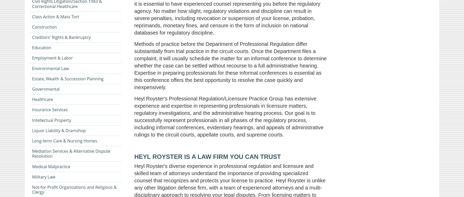 The height and width of the screenshot is (197, 464). Describe the element at coordinates (44, 26) in the screenshot. I see `'Construction'` at that location.